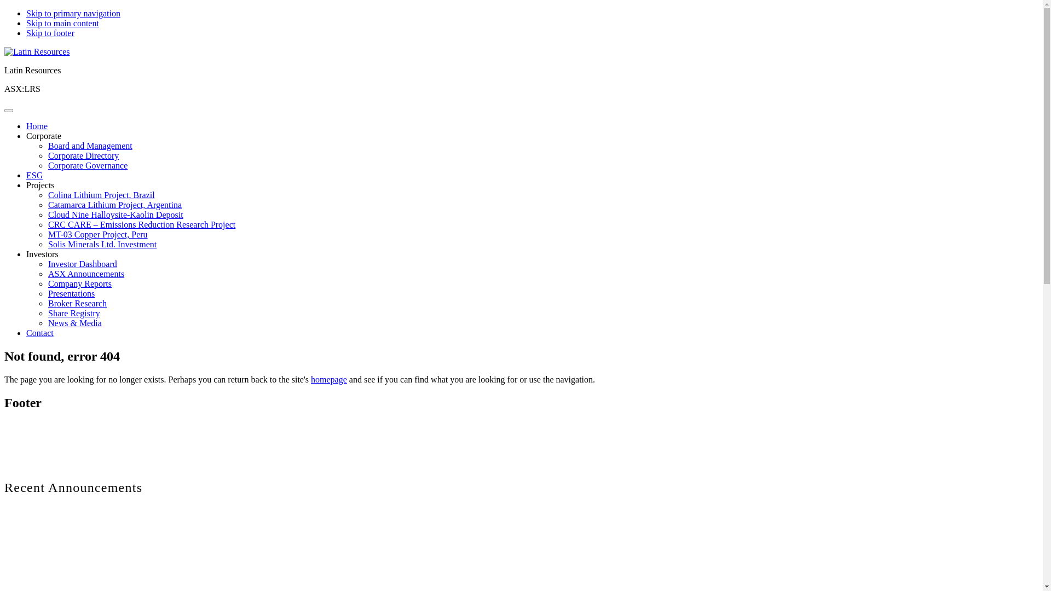 The image size is (1051, 591). I want to click on 'Contact', so click(39, 332).